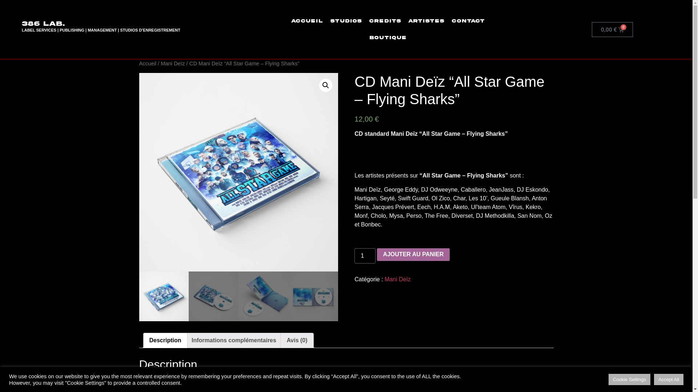 The image size is (698, 392). I want to click on 'Accept All', so click(669, 379).